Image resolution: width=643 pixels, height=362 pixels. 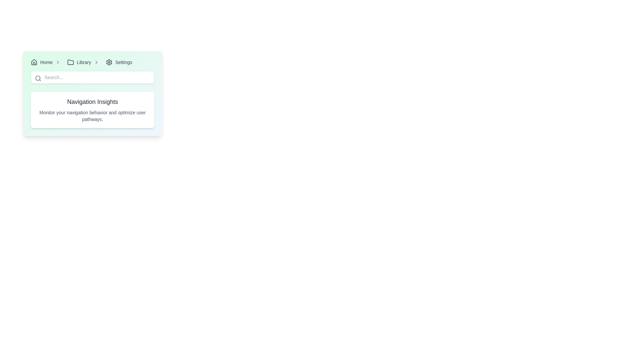 I want to click on the home icon in the navigation bar, which is a simplified geometric representation of a house with a triangular roof and rectangular base, so click(x=33, y=62).